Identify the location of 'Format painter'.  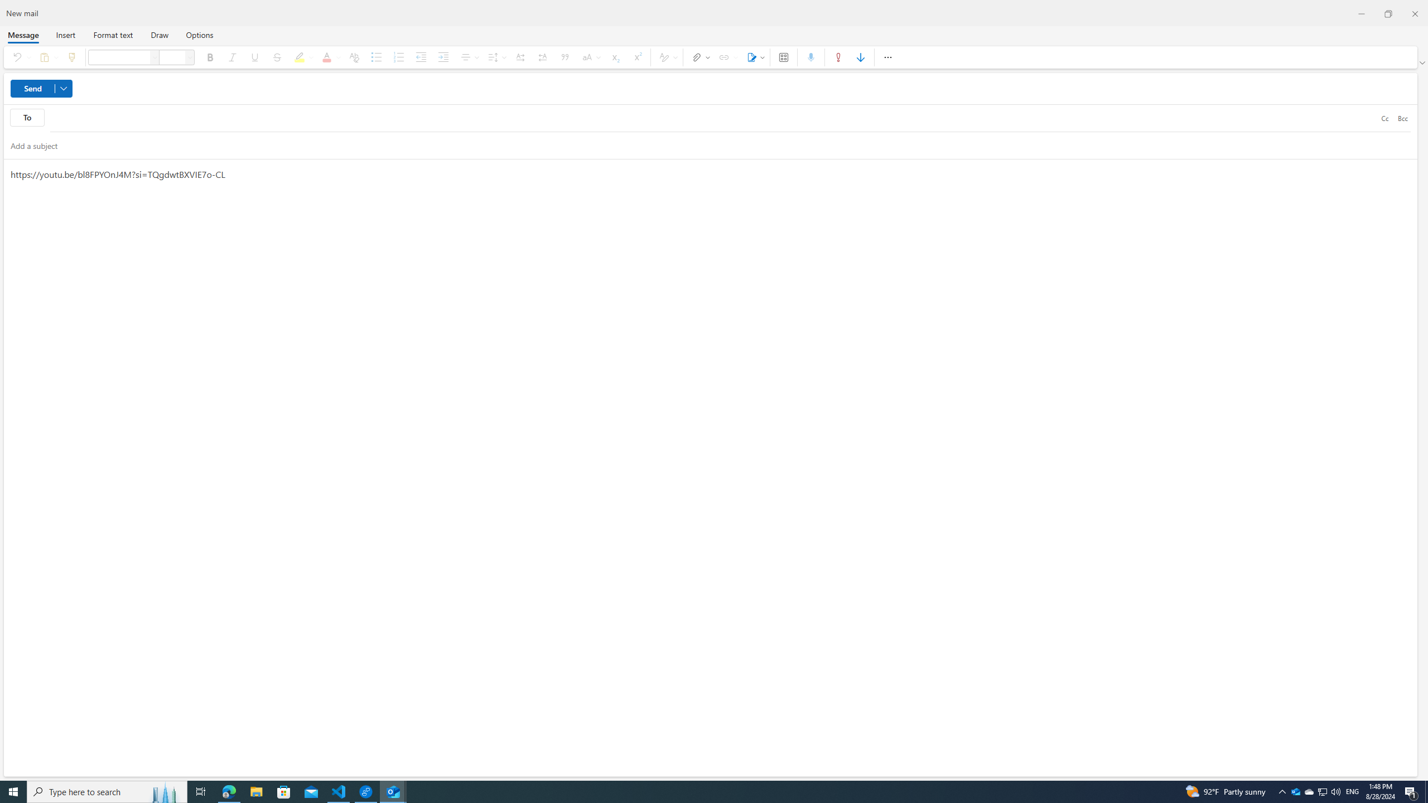
(72, 57).